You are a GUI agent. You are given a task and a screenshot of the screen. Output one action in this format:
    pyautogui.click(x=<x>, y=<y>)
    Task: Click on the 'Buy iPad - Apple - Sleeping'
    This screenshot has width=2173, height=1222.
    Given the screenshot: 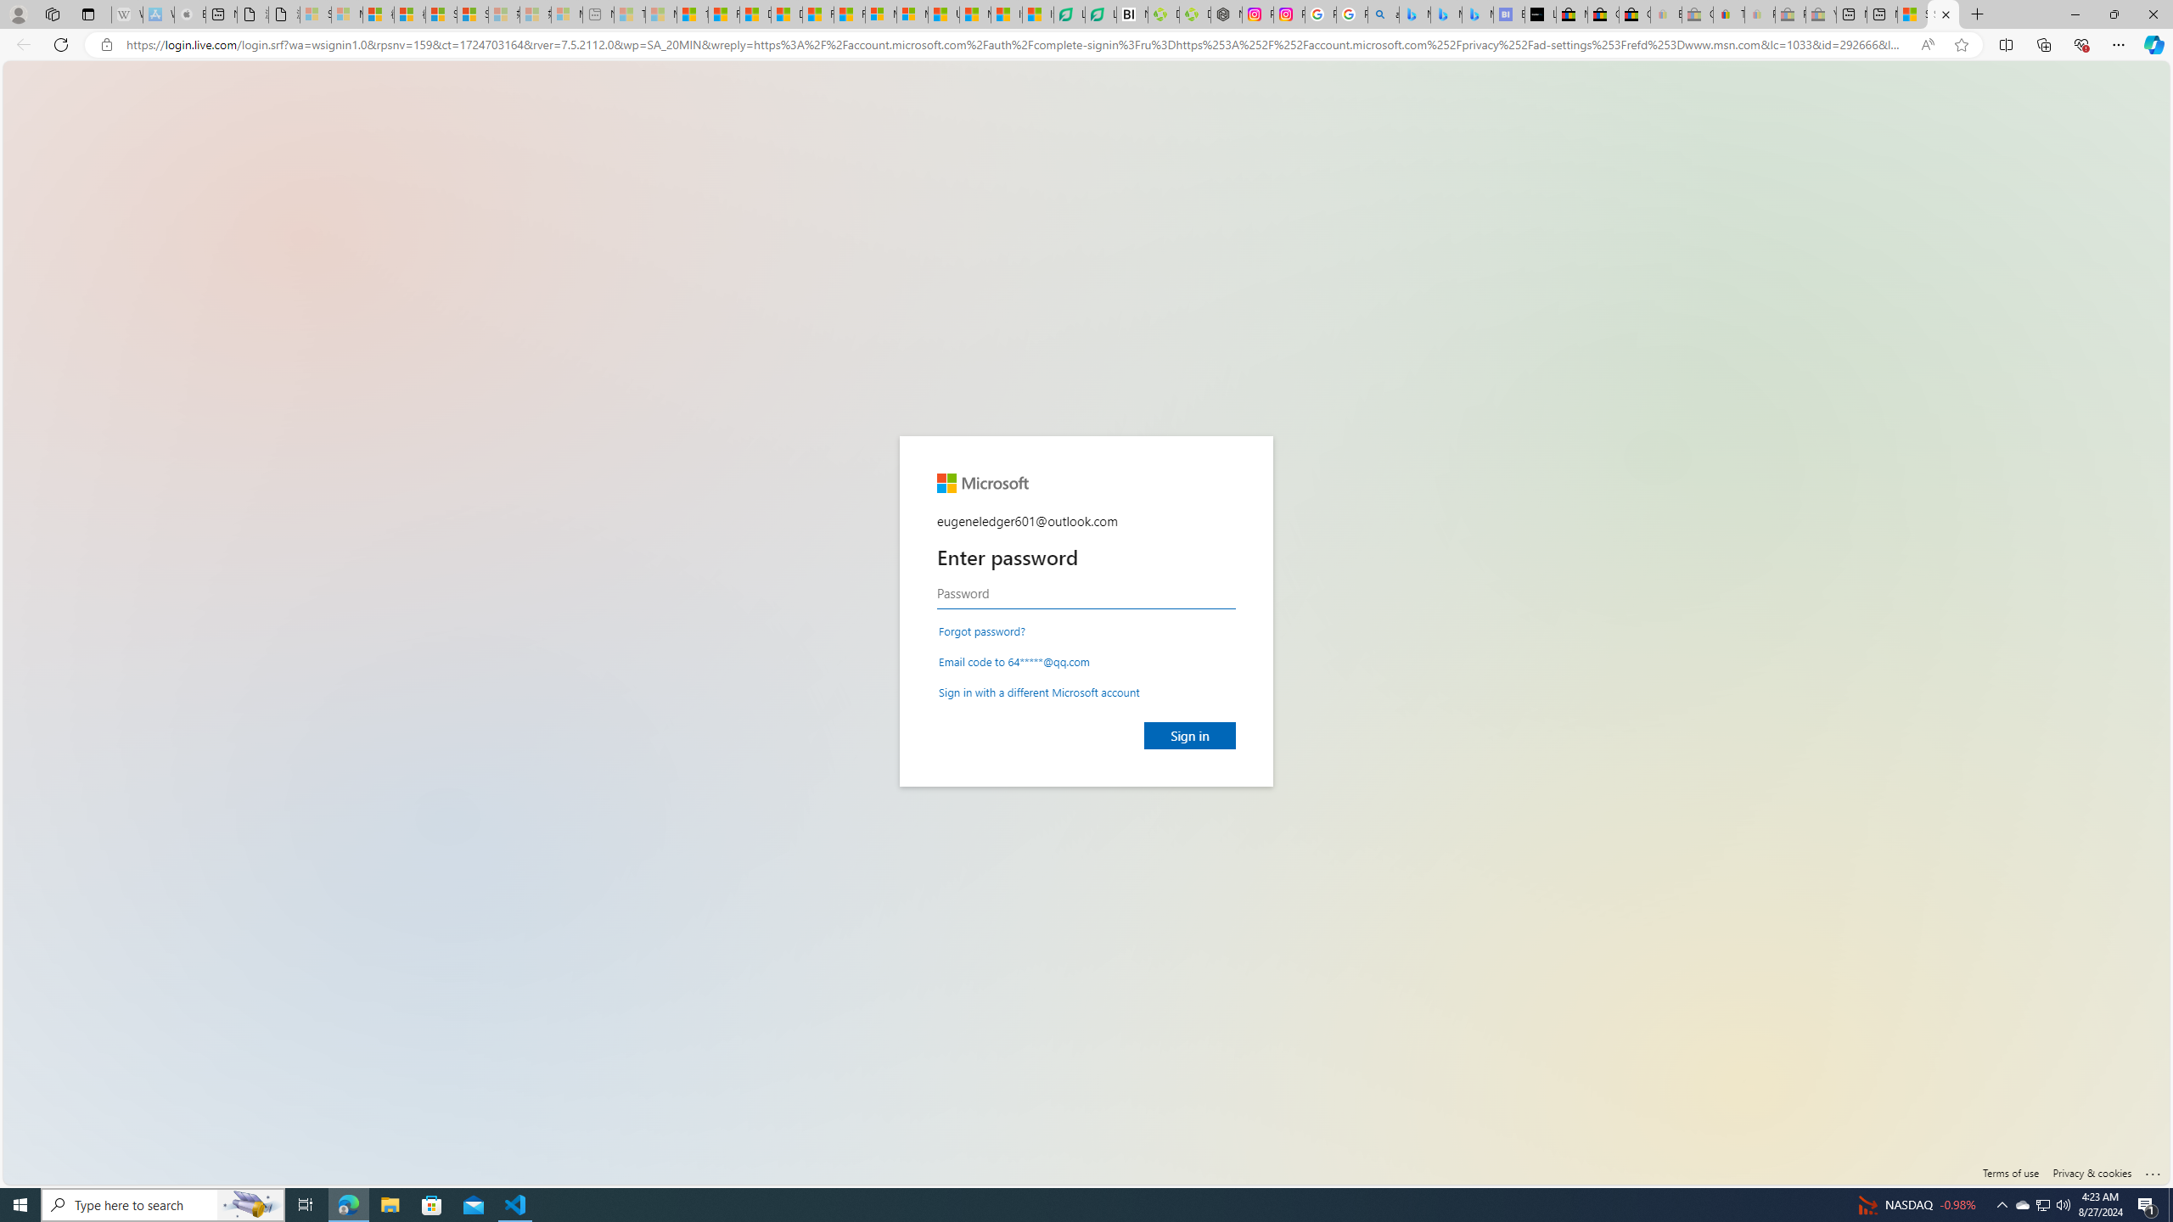 What is the action you would take?
    pyautogui.click(x=190, y=14)
    